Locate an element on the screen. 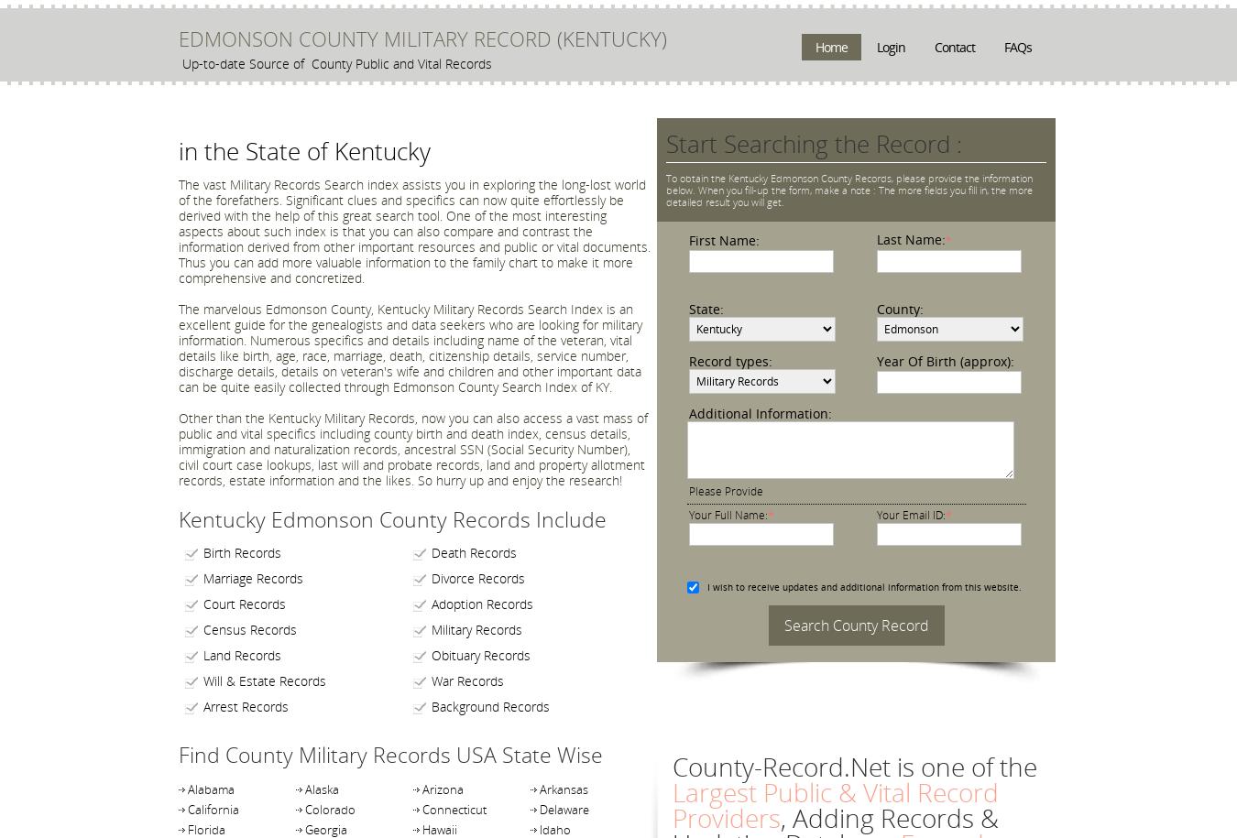  'Up-to-date Source of' is located at coordinates (181, 62).